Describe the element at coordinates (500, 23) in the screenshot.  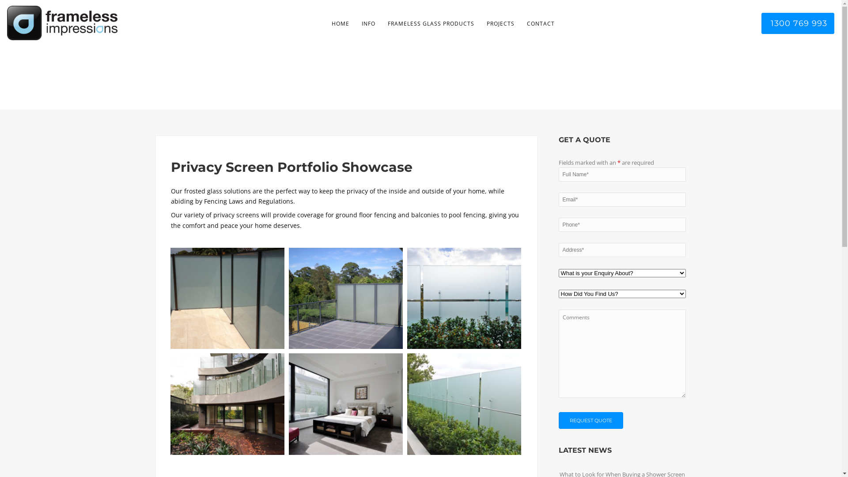
I see `'PROJECTS'` at that location.